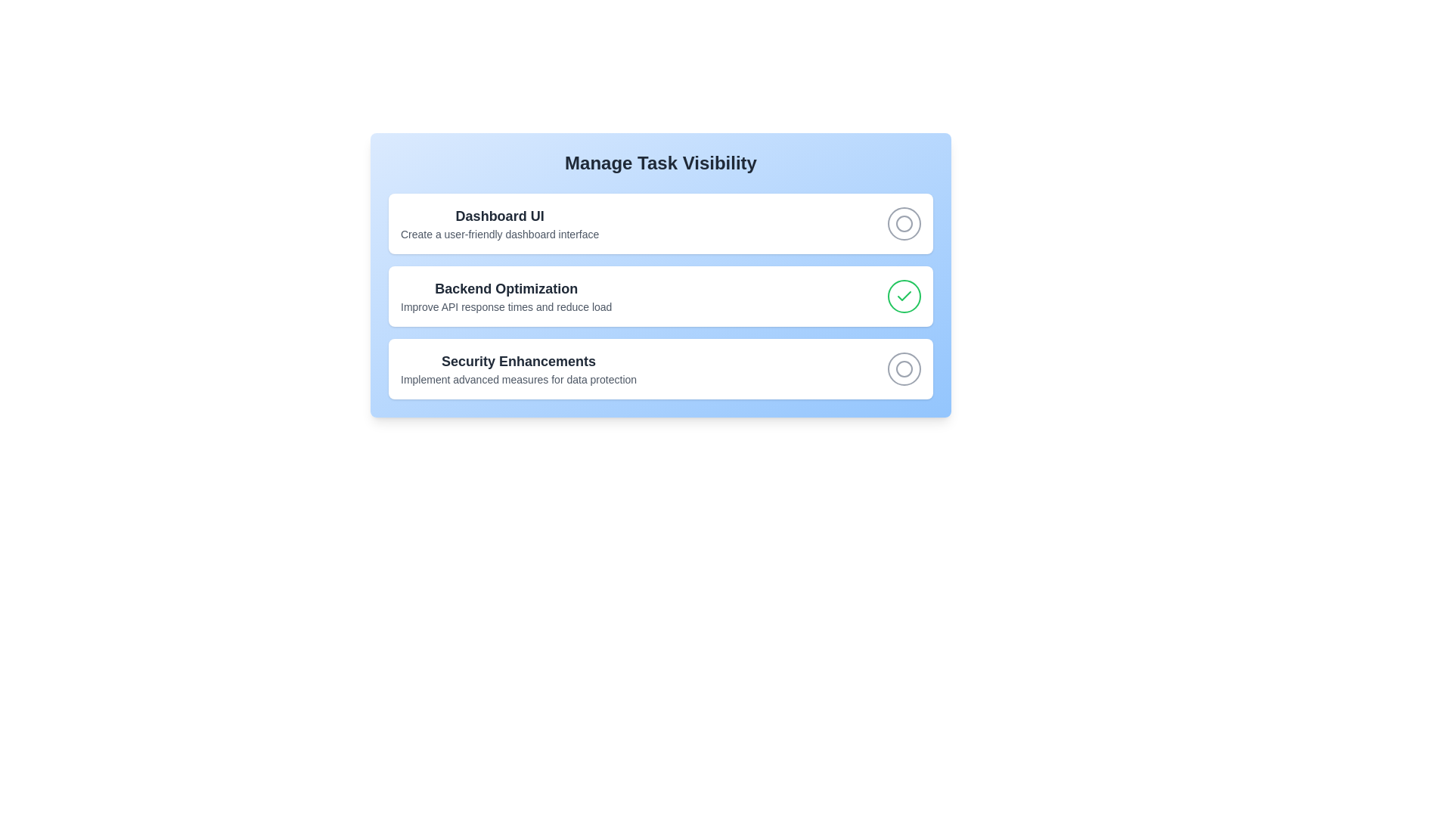 The image size is (1452, 817). What do you see at coordinates (519, 362) in the screenshot?
I see `the header text that serves as a title for the section detailing 'Implement advanced measures for data protection', located in the 'Manage Task Visibility' interface` at bounding box center [519, 362].